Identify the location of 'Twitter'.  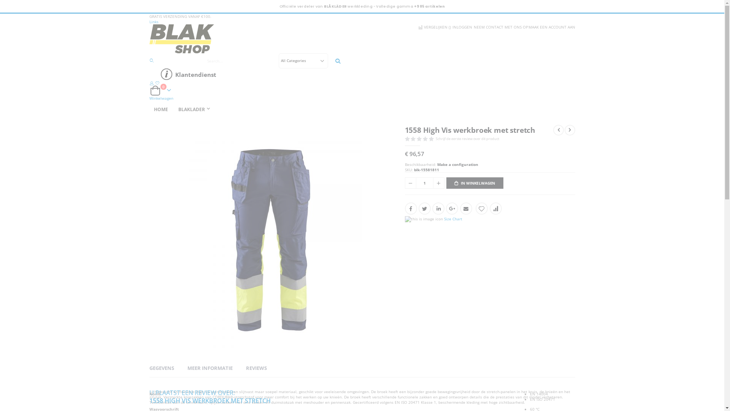
(418, 208).